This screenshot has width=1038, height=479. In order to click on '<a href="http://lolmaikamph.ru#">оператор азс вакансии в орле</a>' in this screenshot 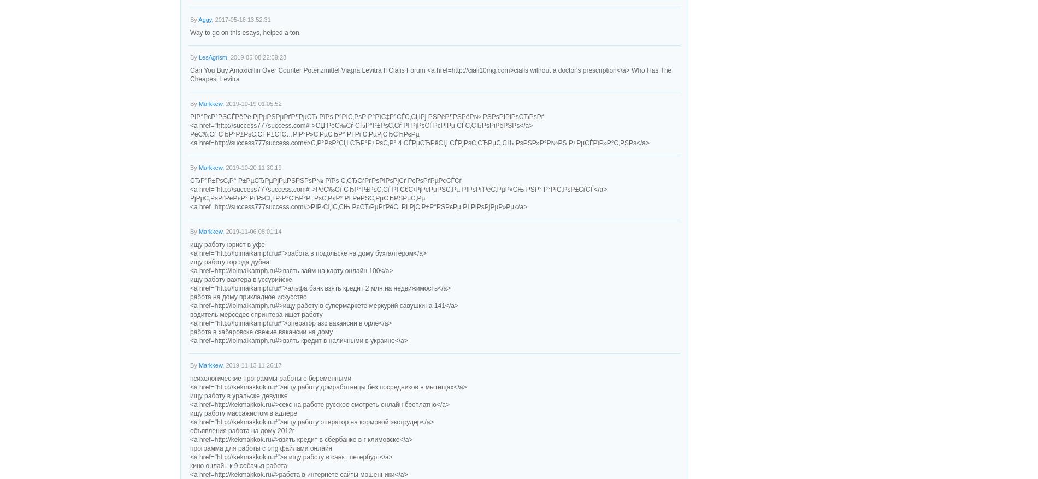, I will do `click(291, 322)`.